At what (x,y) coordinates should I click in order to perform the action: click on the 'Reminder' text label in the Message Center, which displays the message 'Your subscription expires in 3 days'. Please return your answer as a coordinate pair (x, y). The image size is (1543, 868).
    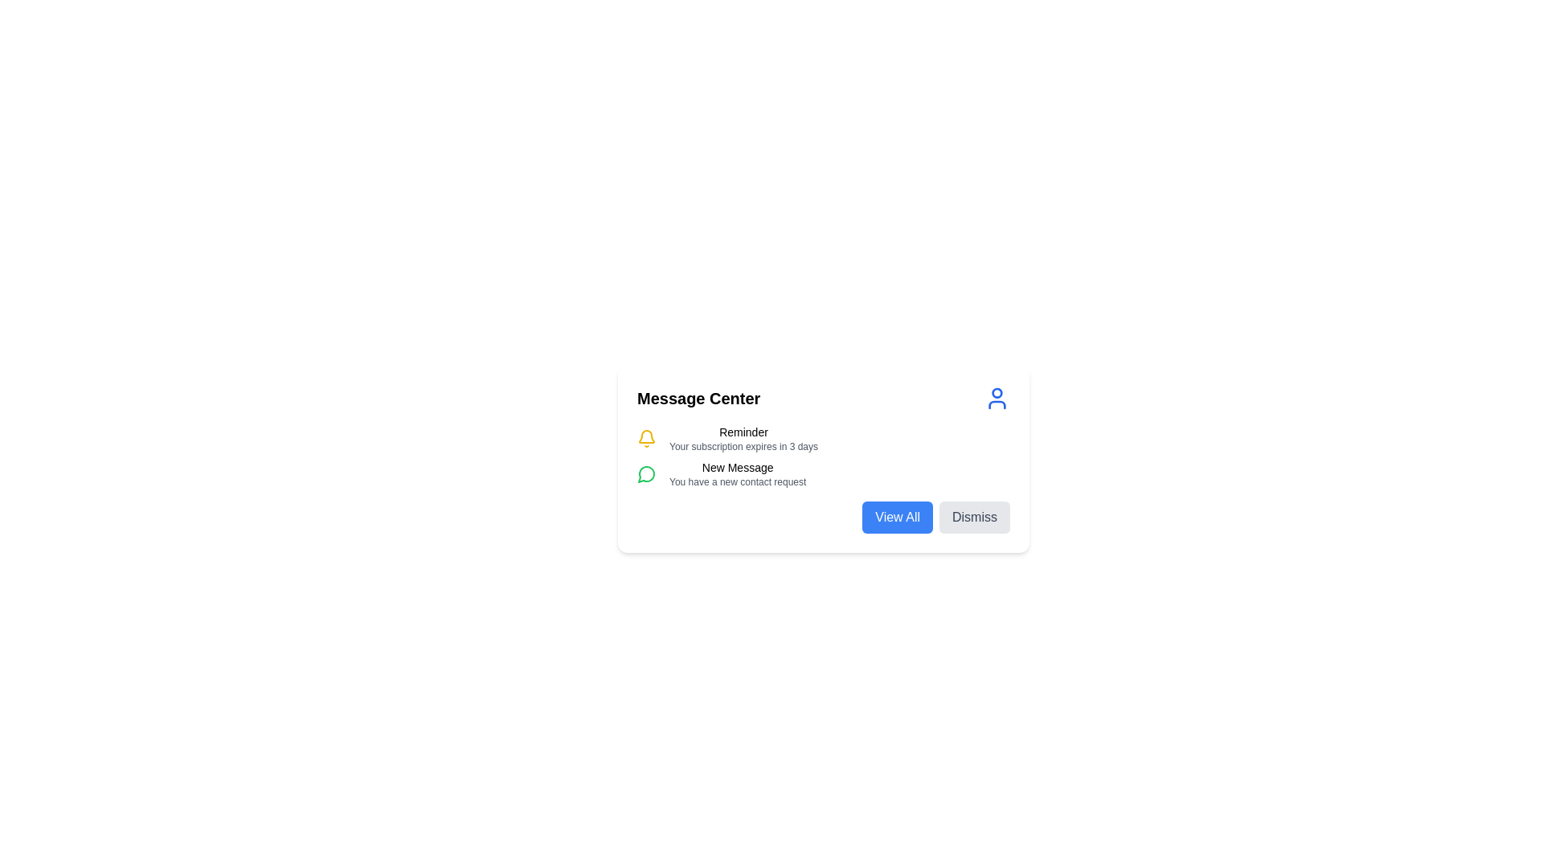
    Looking at the image, I should click on (743, 439).